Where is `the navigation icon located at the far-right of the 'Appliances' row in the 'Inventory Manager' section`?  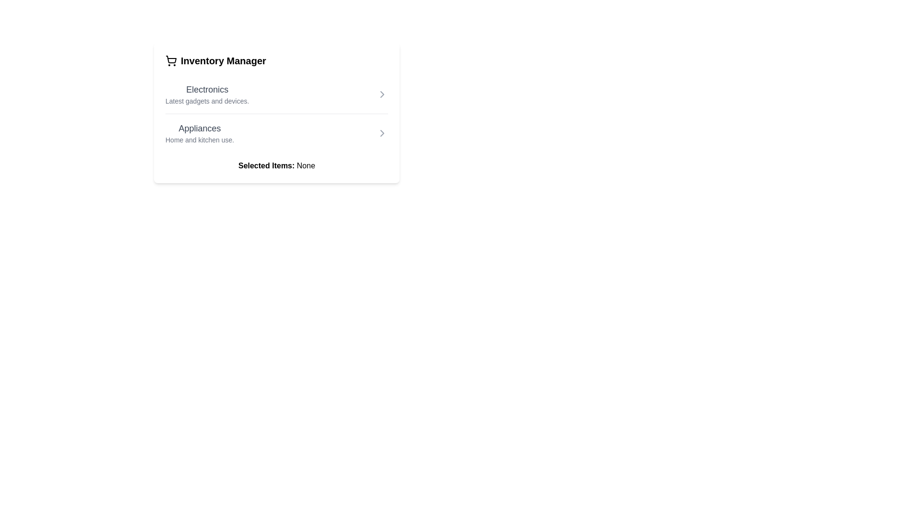
the navigation icon located at the far-right of the 'Appliances' row in the 'Inventory Manager' section is located at coordinates (381, 133).